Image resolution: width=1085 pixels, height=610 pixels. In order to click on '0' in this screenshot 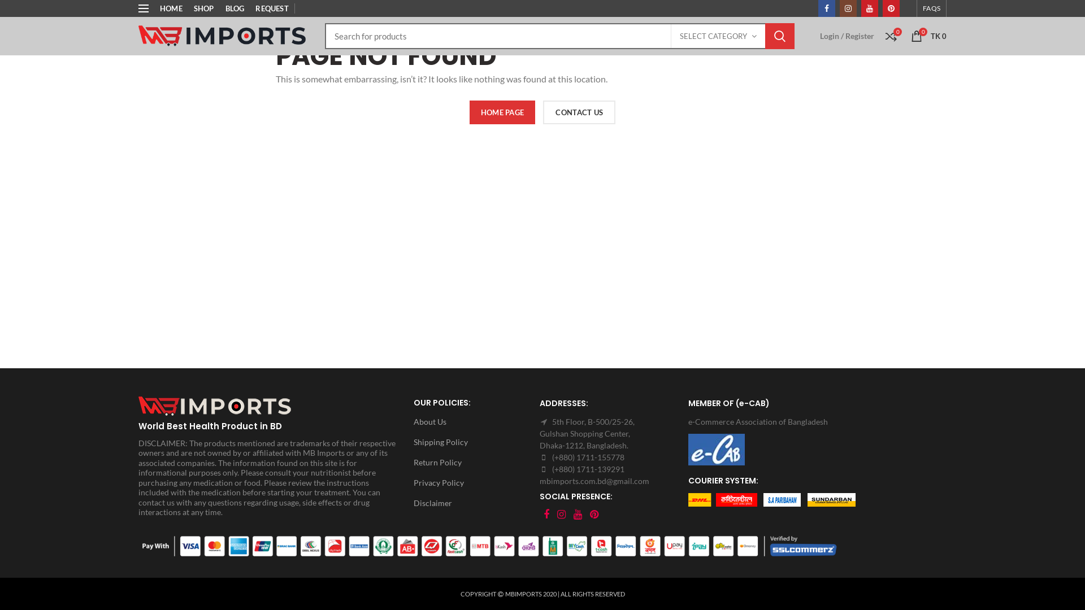, I will do `click(891, 36)`.